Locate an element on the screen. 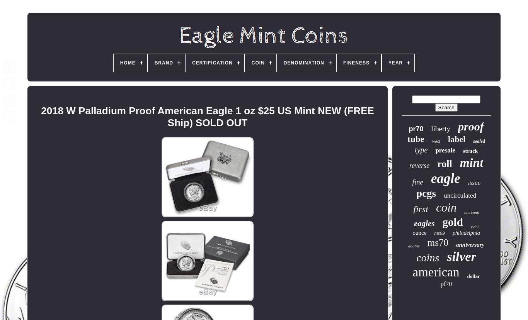 The height and width of the screenshot is (320, 528). 'pf70' is located at coordinates (446, 283).